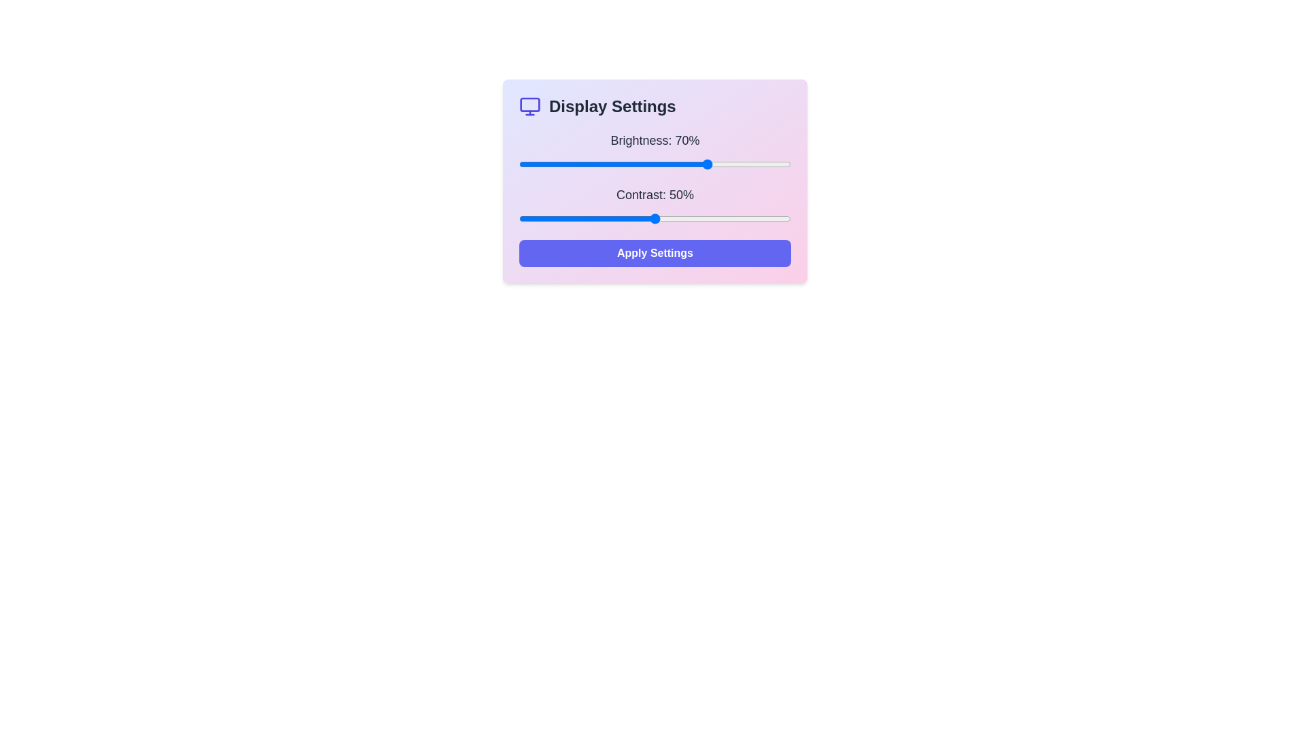  What do you see at coordinates (648, 217) in the screenshot?
I see `the contrast slider to 48%` at bounding box center [648, 217].